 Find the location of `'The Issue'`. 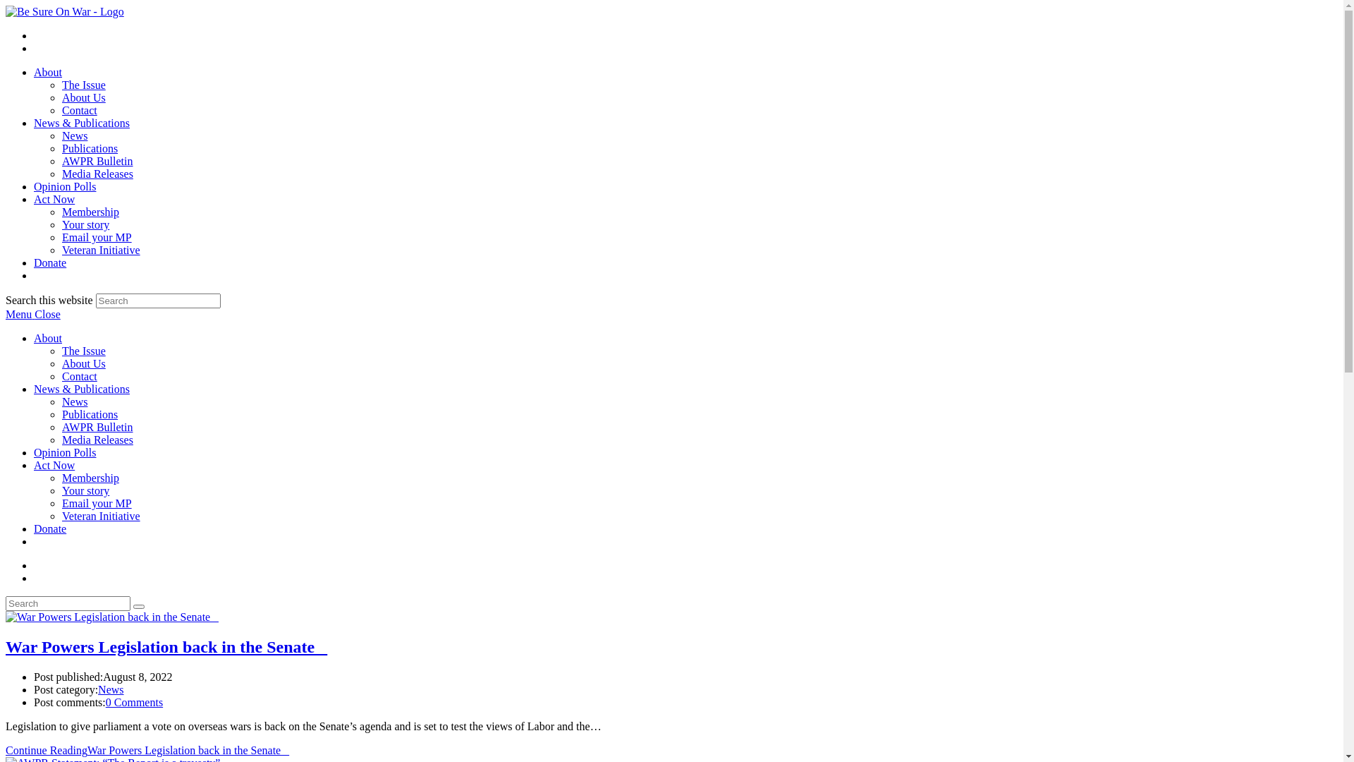

'The Issue' is located at coordinates (83, 85).